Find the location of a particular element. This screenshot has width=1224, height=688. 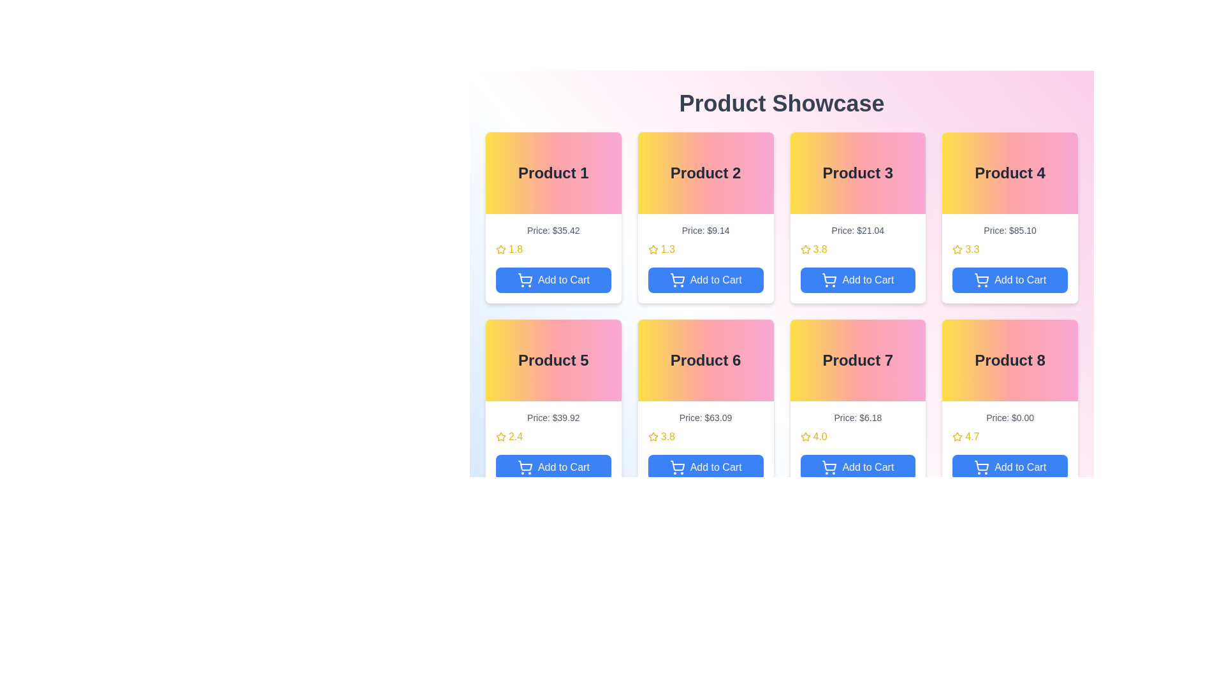

the price text label displayed in gray under the title 'Product 1' within the product card layout is located at coordinates (553, 231).